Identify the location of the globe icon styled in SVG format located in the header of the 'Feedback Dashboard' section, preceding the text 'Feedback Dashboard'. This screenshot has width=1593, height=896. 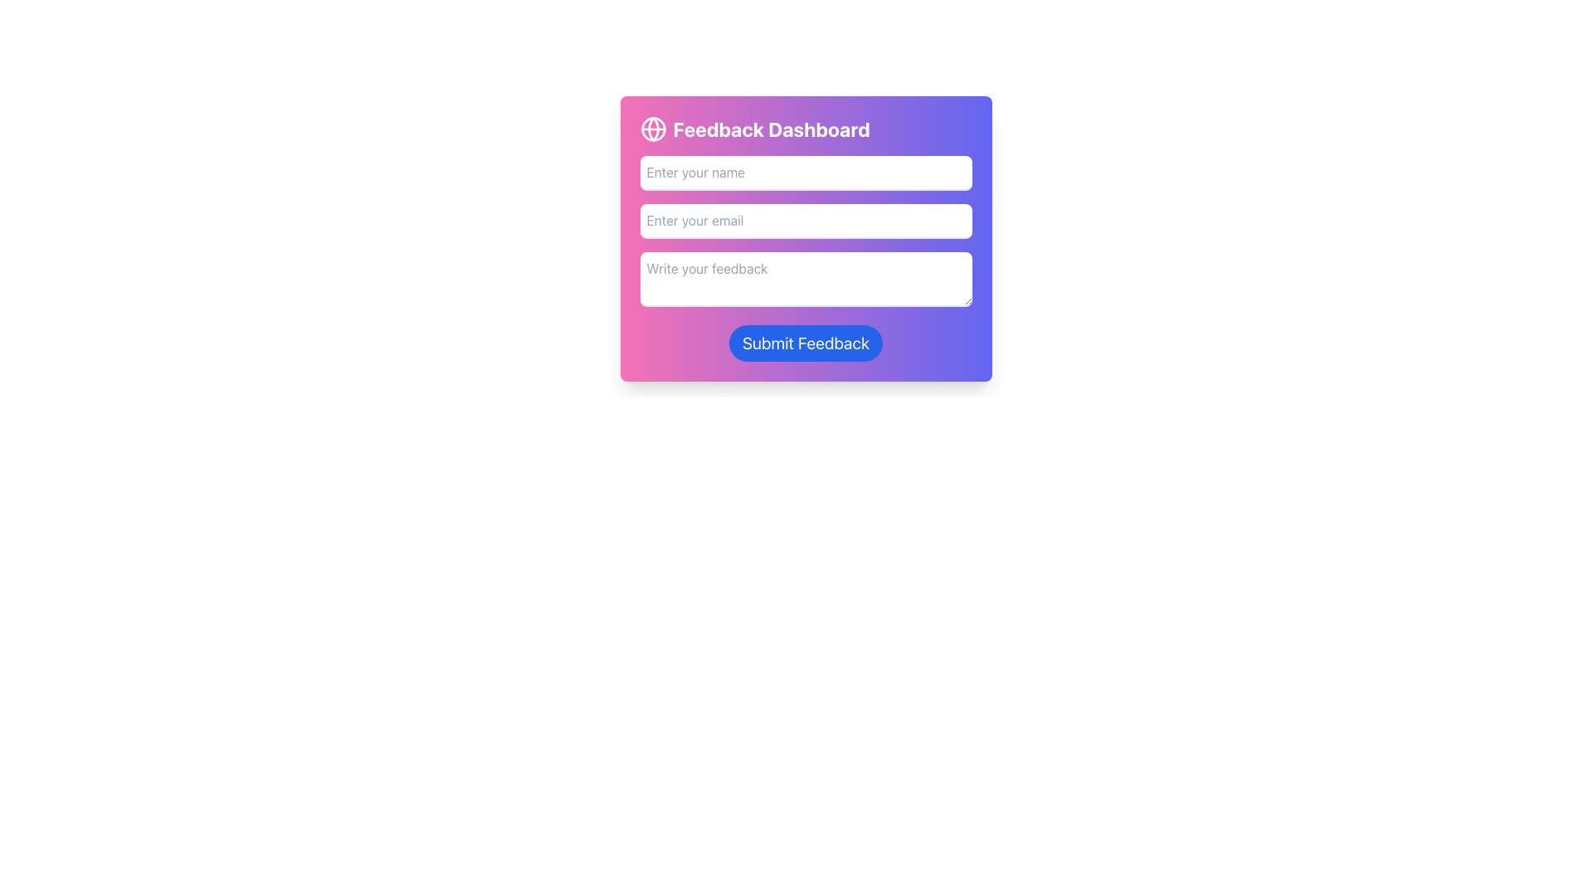
(652, 128).